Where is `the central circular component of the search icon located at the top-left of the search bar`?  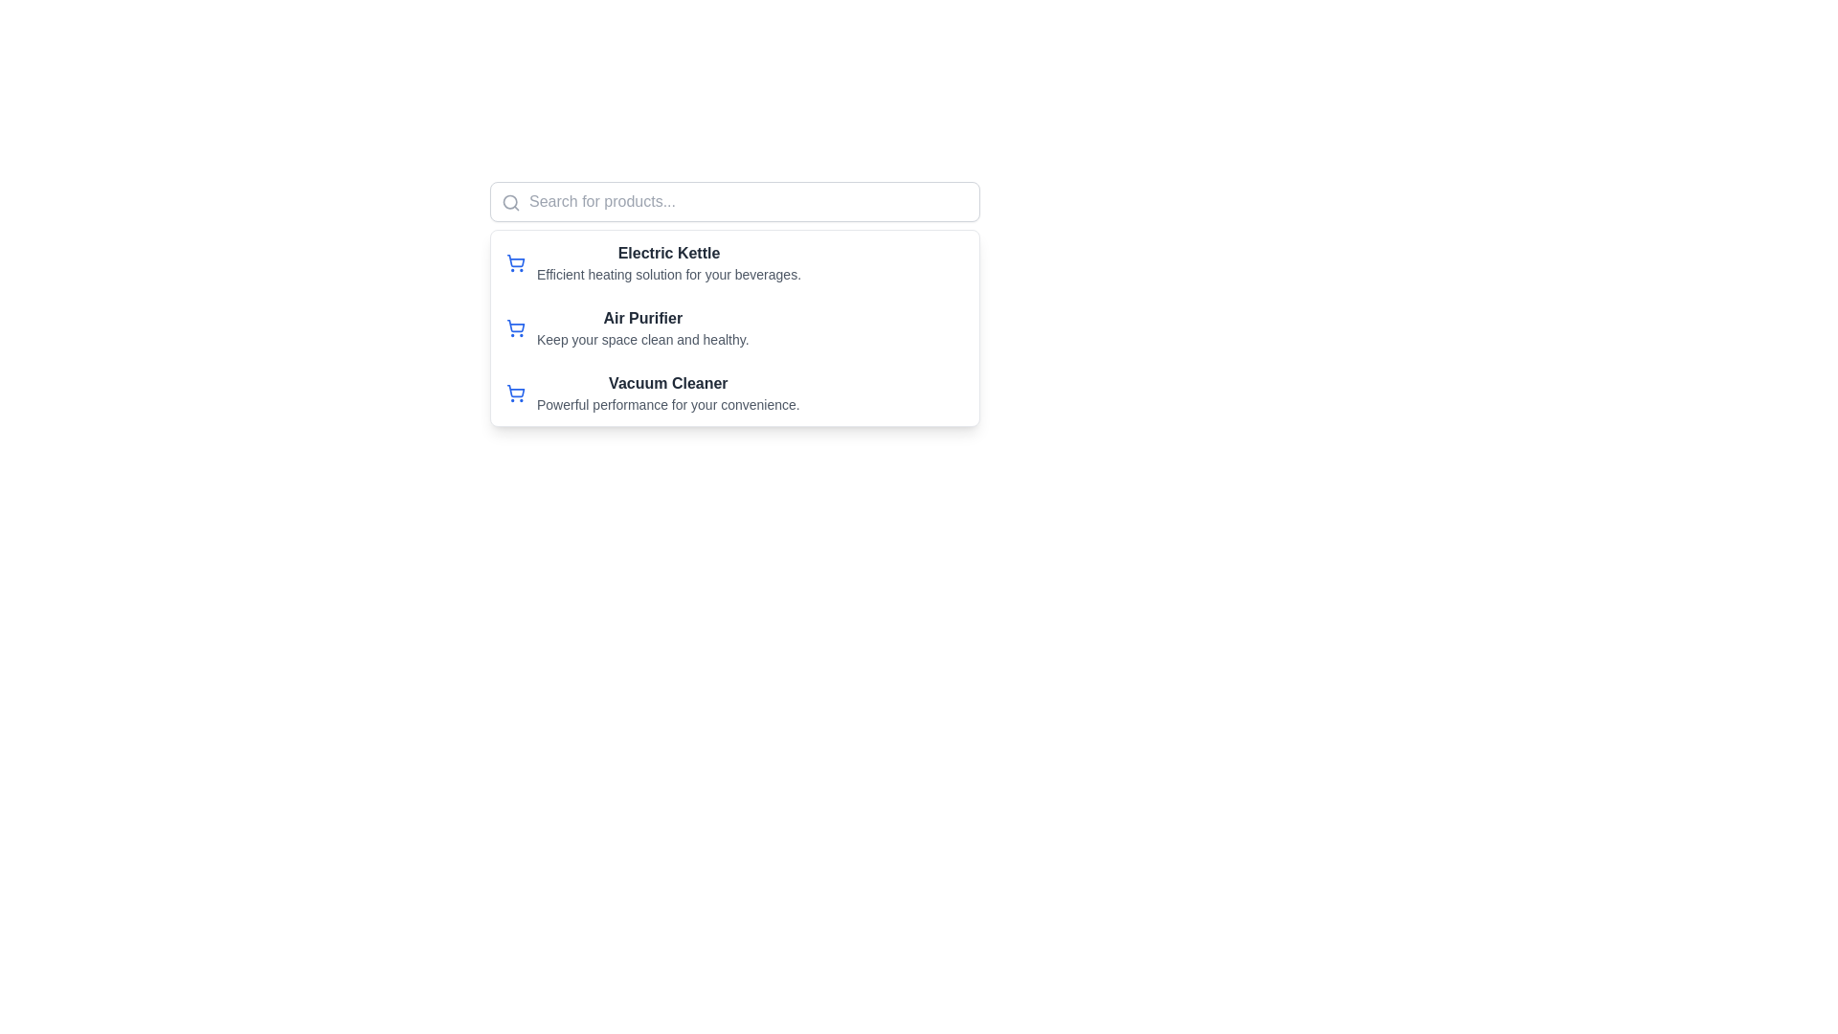 the central circular component of the search icon located at the top-left of the search bar is located at coordinates (510, 202).